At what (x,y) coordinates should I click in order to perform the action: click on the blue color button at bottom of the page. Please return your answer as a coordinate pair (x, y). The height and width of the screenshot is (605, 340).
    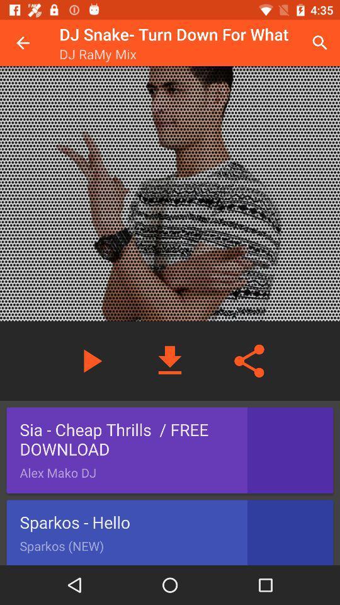
    Looking at the image, I should click on (170, 532).